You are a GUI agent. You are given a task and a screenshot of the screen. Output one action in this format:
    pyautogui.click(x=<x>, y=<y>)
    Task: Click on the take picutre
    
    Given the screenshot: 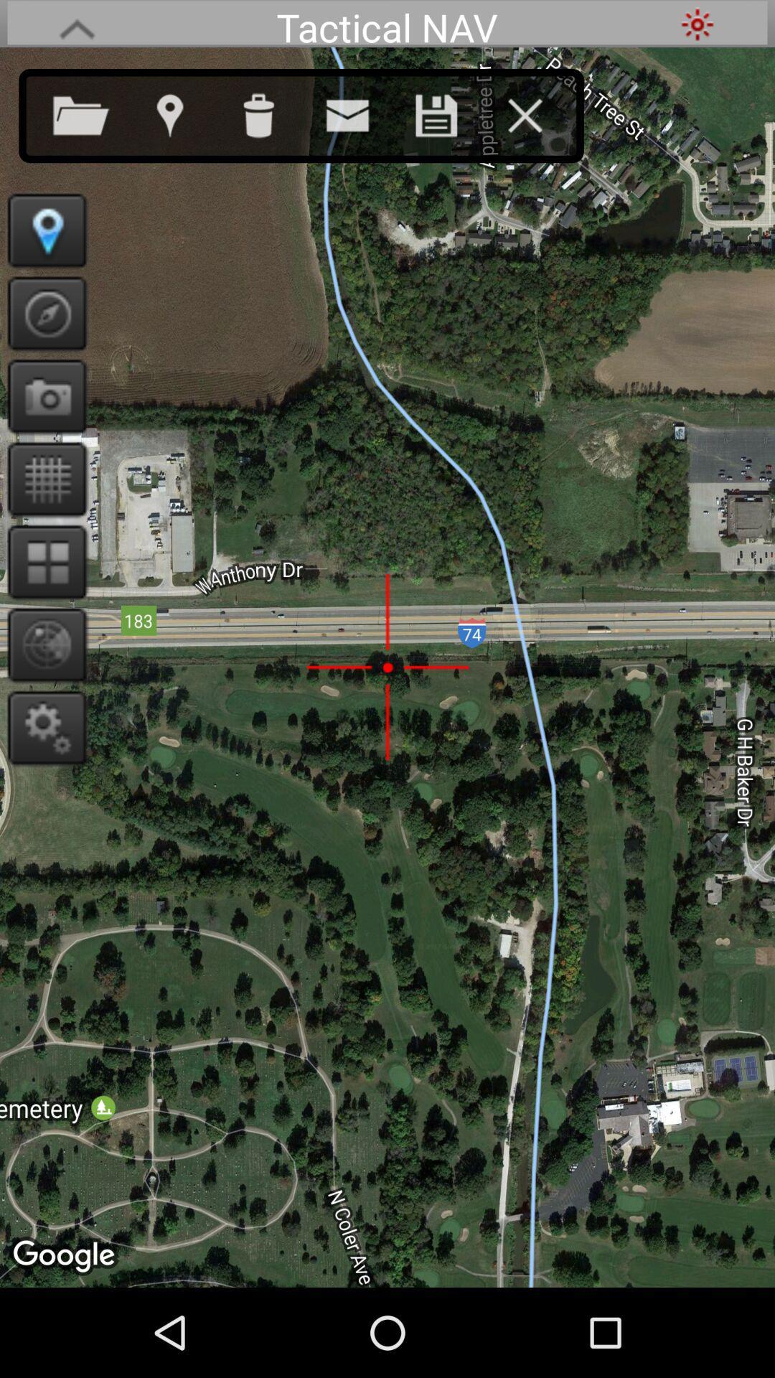 What is the action you would take?
    pyautogui.click(x=42, y=396)
    